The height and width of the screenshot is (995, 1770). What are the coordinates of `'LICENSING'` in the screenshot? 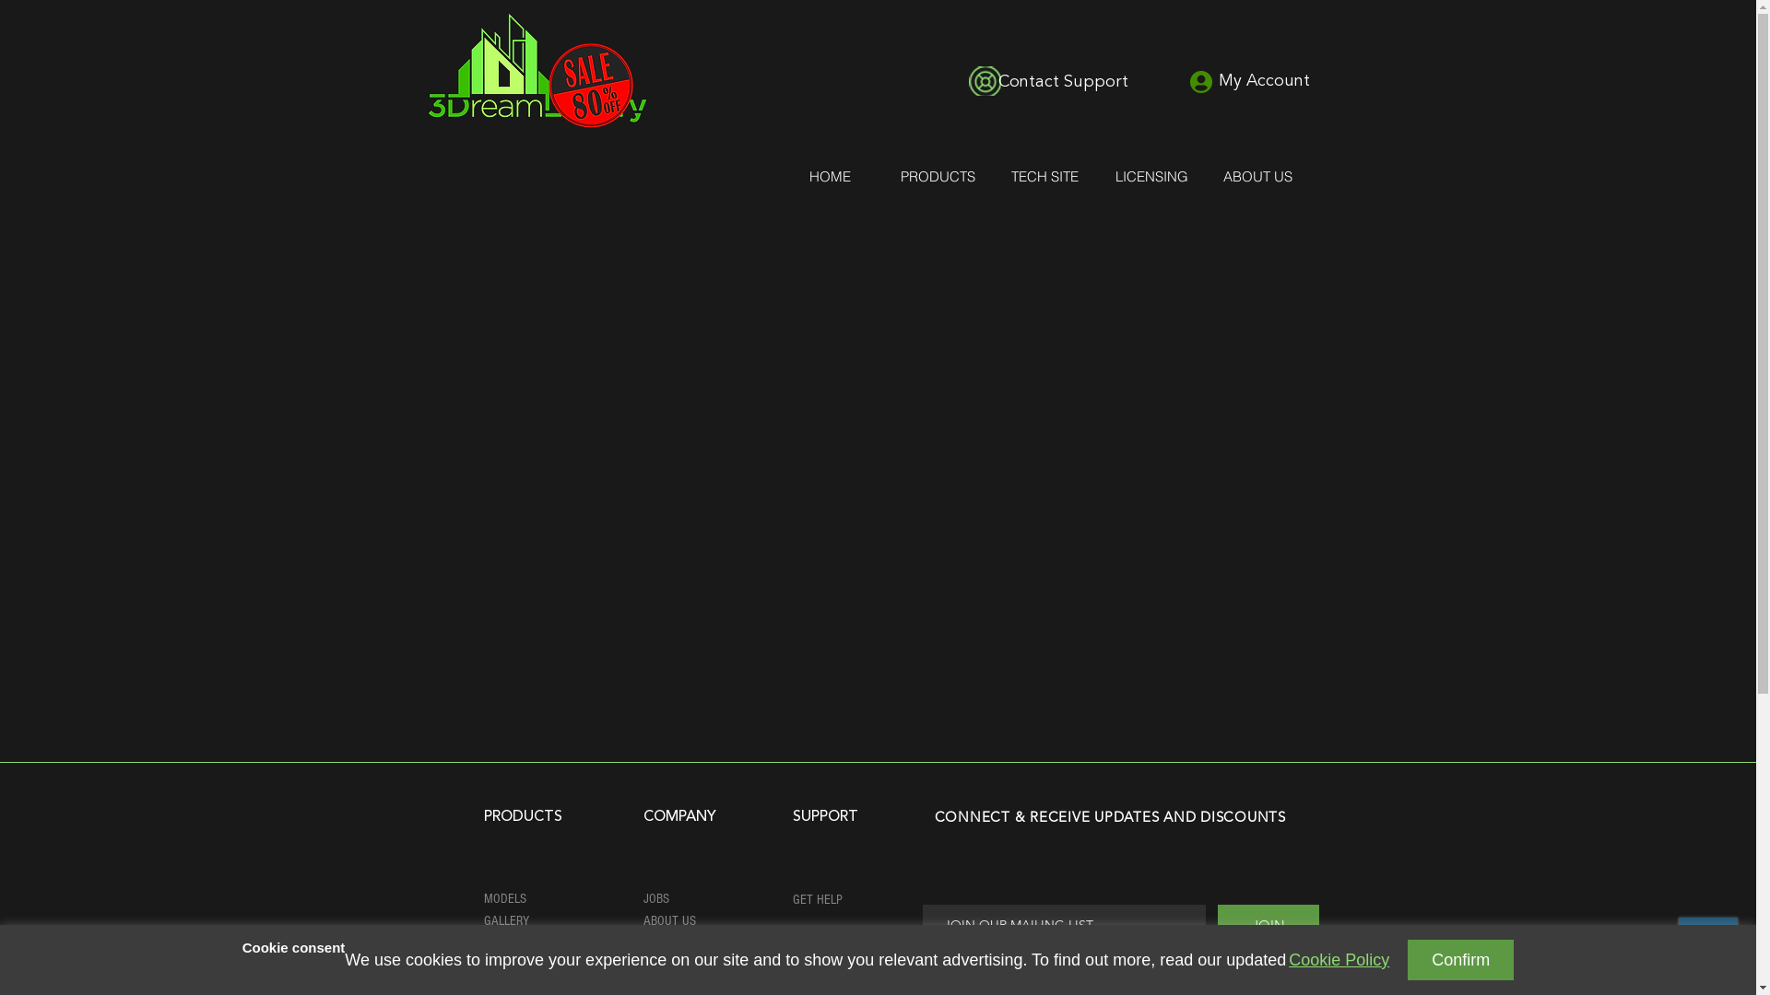 It's located at (1097, 176).